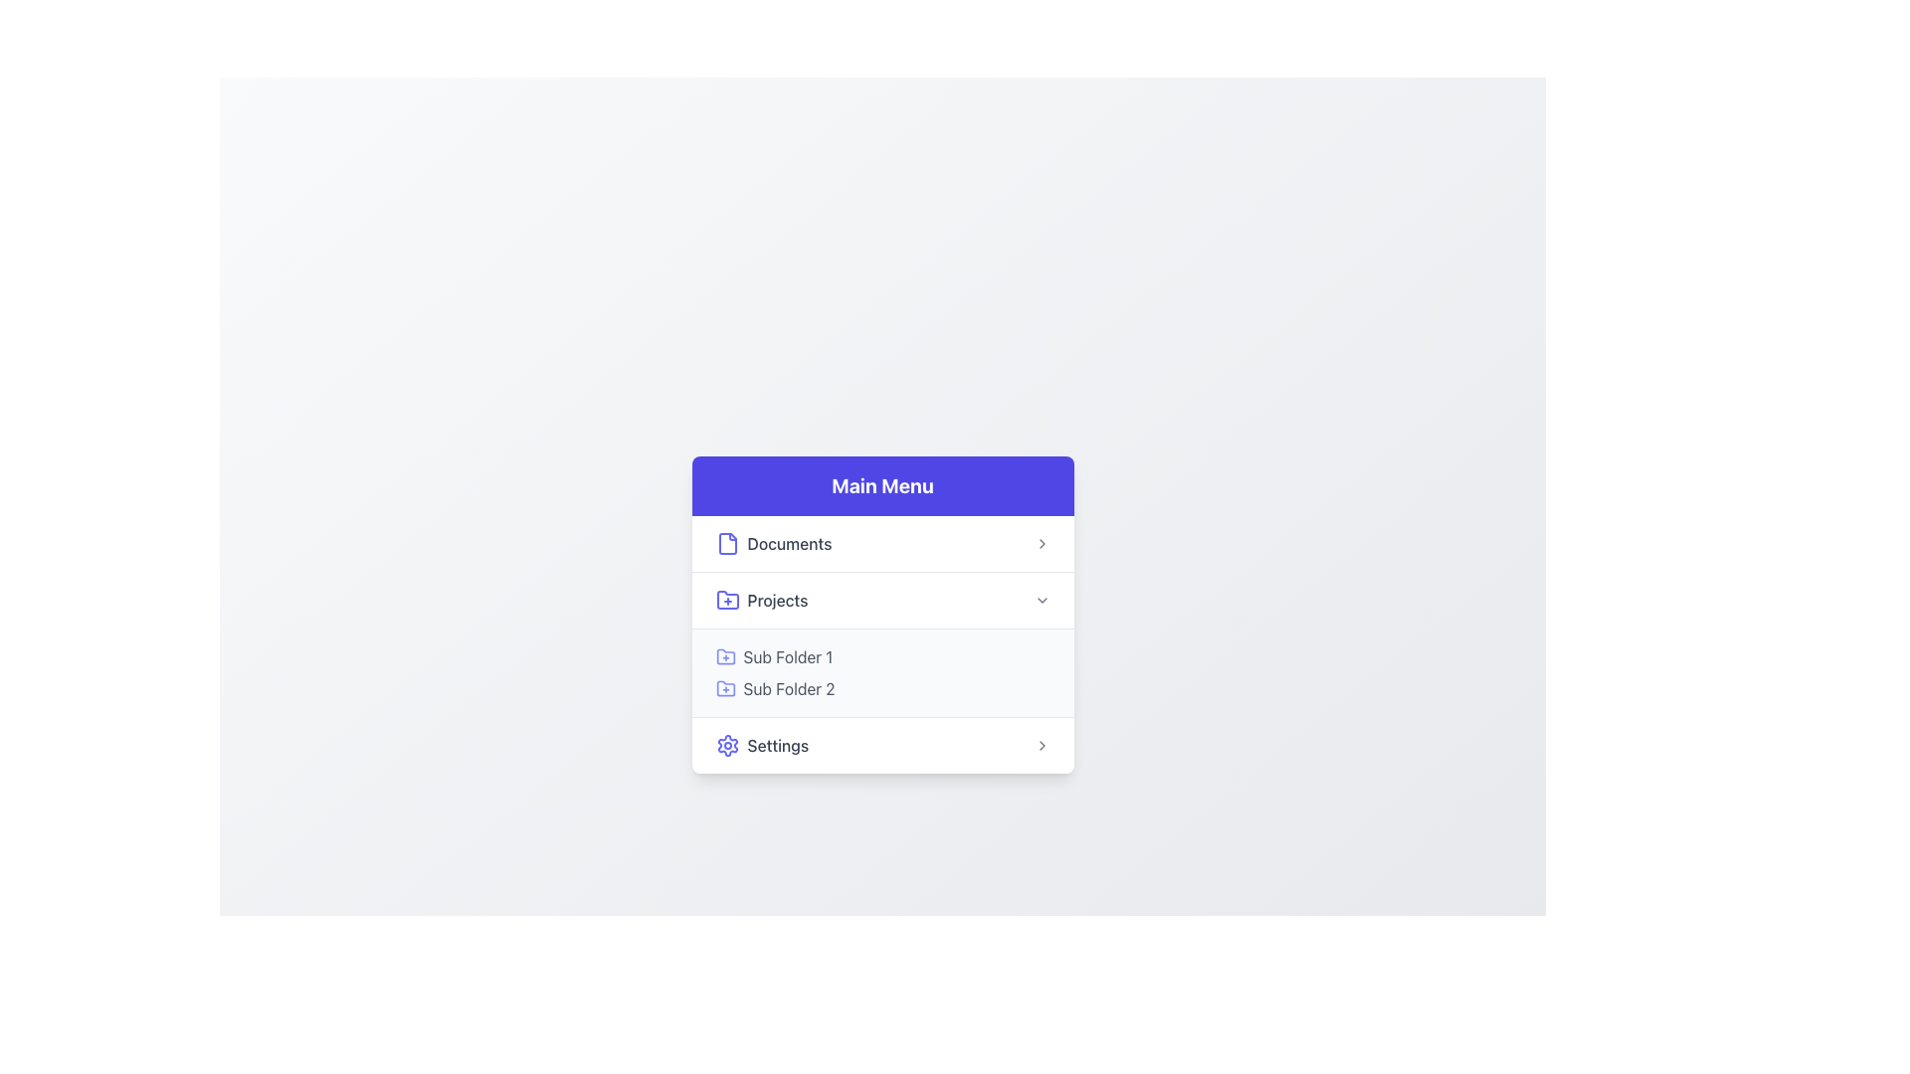 This screenshot has width=1910, height=1074. What do you see at coordinates (761, 745) in the screenshot?
I see `the 'Settings' Navigation Menu Item, which consists of a gear icon and the text 'Settings' styled in indigo and medium gray respectively, located at the bottom of the menu` at bounding box center [761, 745].